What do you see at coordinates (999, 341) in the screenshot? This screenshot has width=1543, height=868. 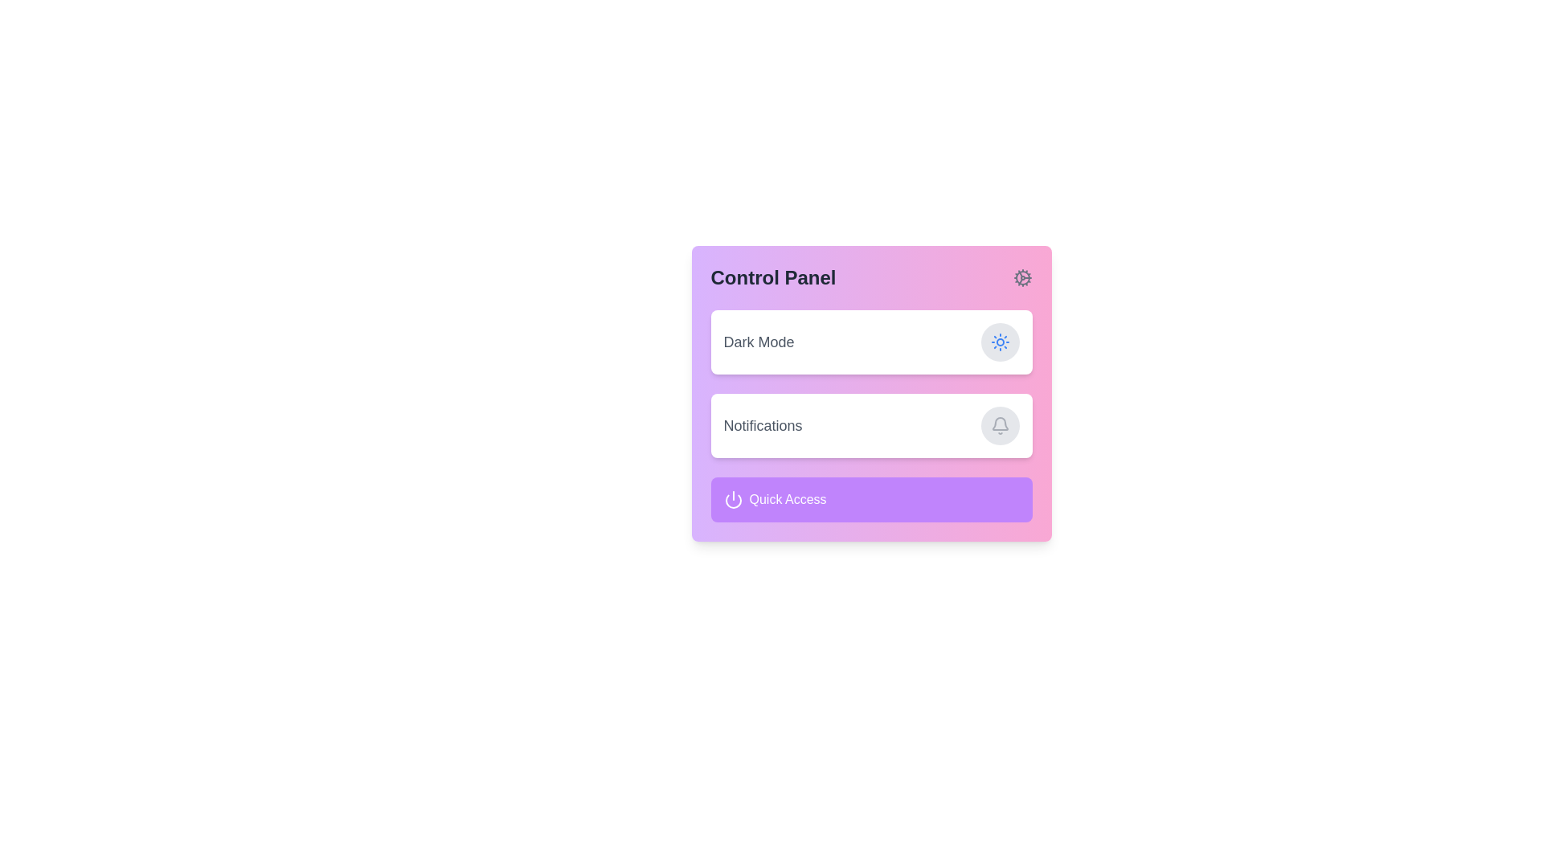 I see `the sun icon, which is styled in blue and located within a circular gray button to the right of the 'Dark Mode' text label` at bounding box center [999, 341].